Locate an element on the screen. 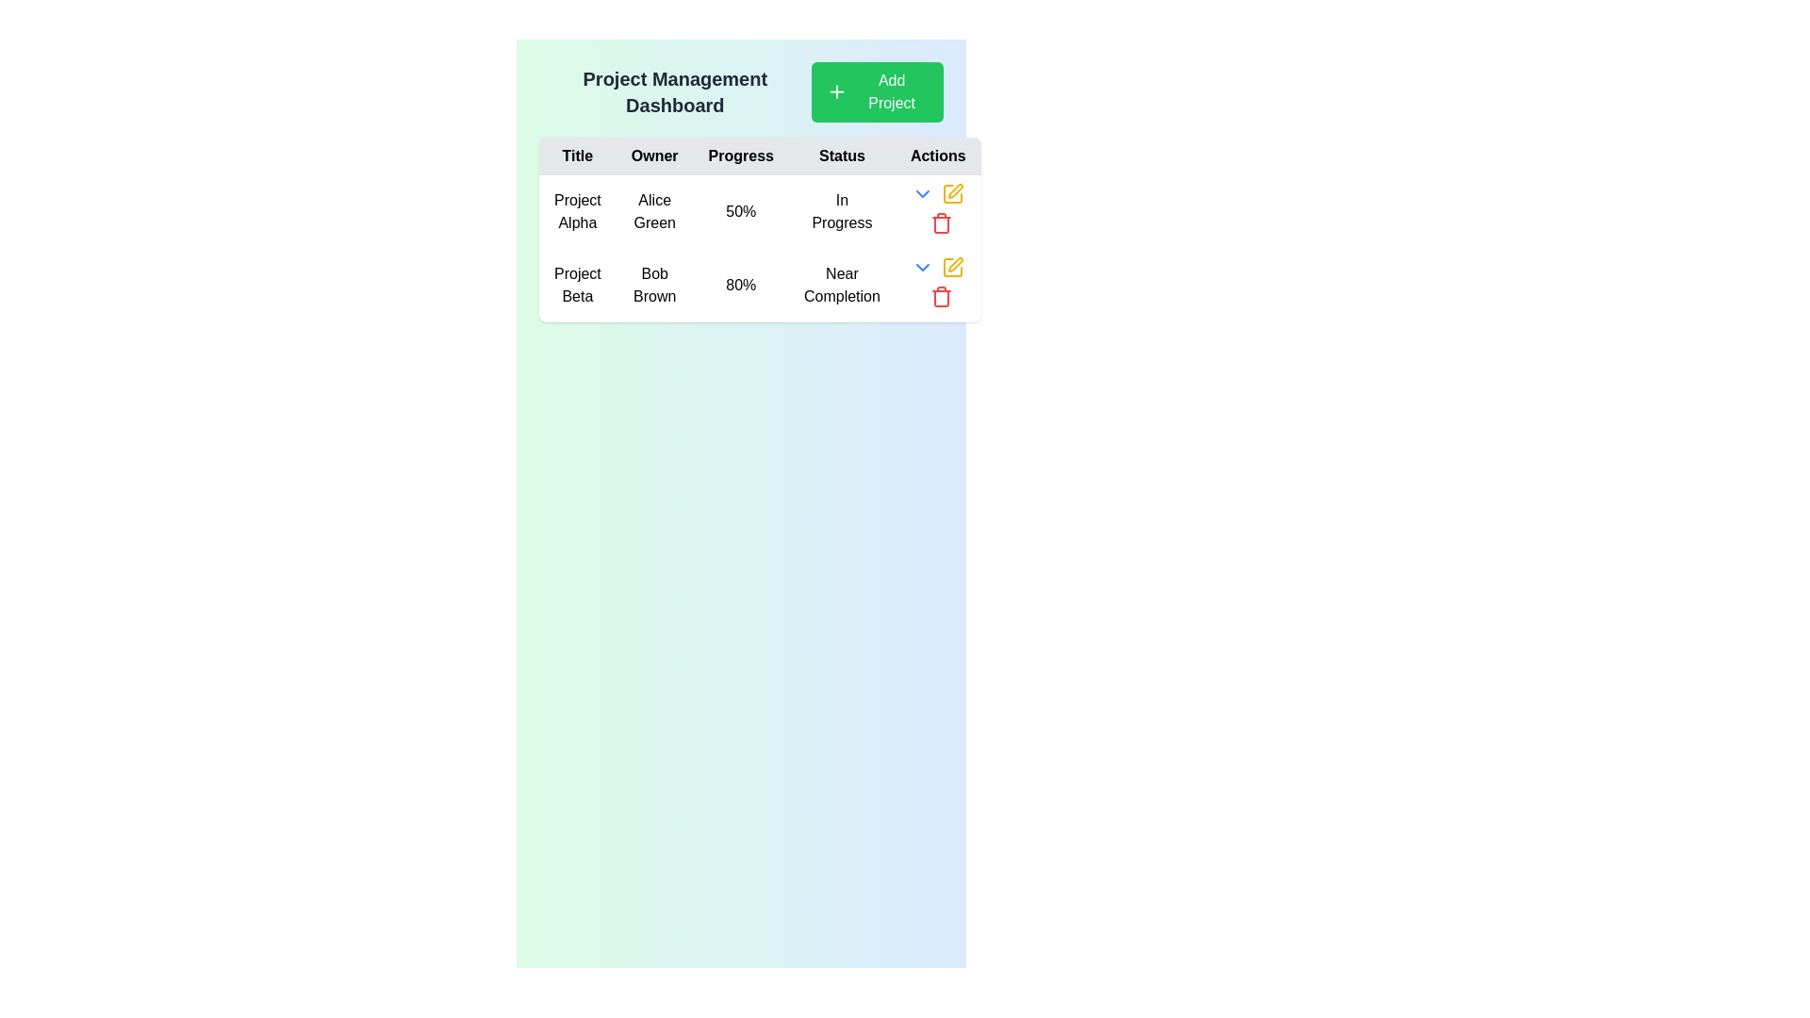  the pen icon located in the Actions column of the second row of the table to initiate editing is located at coordinates (955, 265).